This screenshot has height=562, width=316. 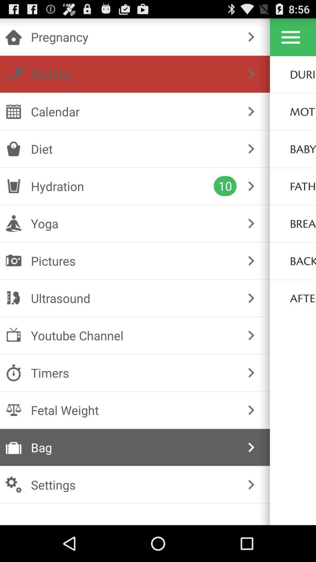 What do you see at coordinates (134, 335) in the screenshot?
I see `the checkbox below the ultrasound icon` at bounding box center [134, 335].